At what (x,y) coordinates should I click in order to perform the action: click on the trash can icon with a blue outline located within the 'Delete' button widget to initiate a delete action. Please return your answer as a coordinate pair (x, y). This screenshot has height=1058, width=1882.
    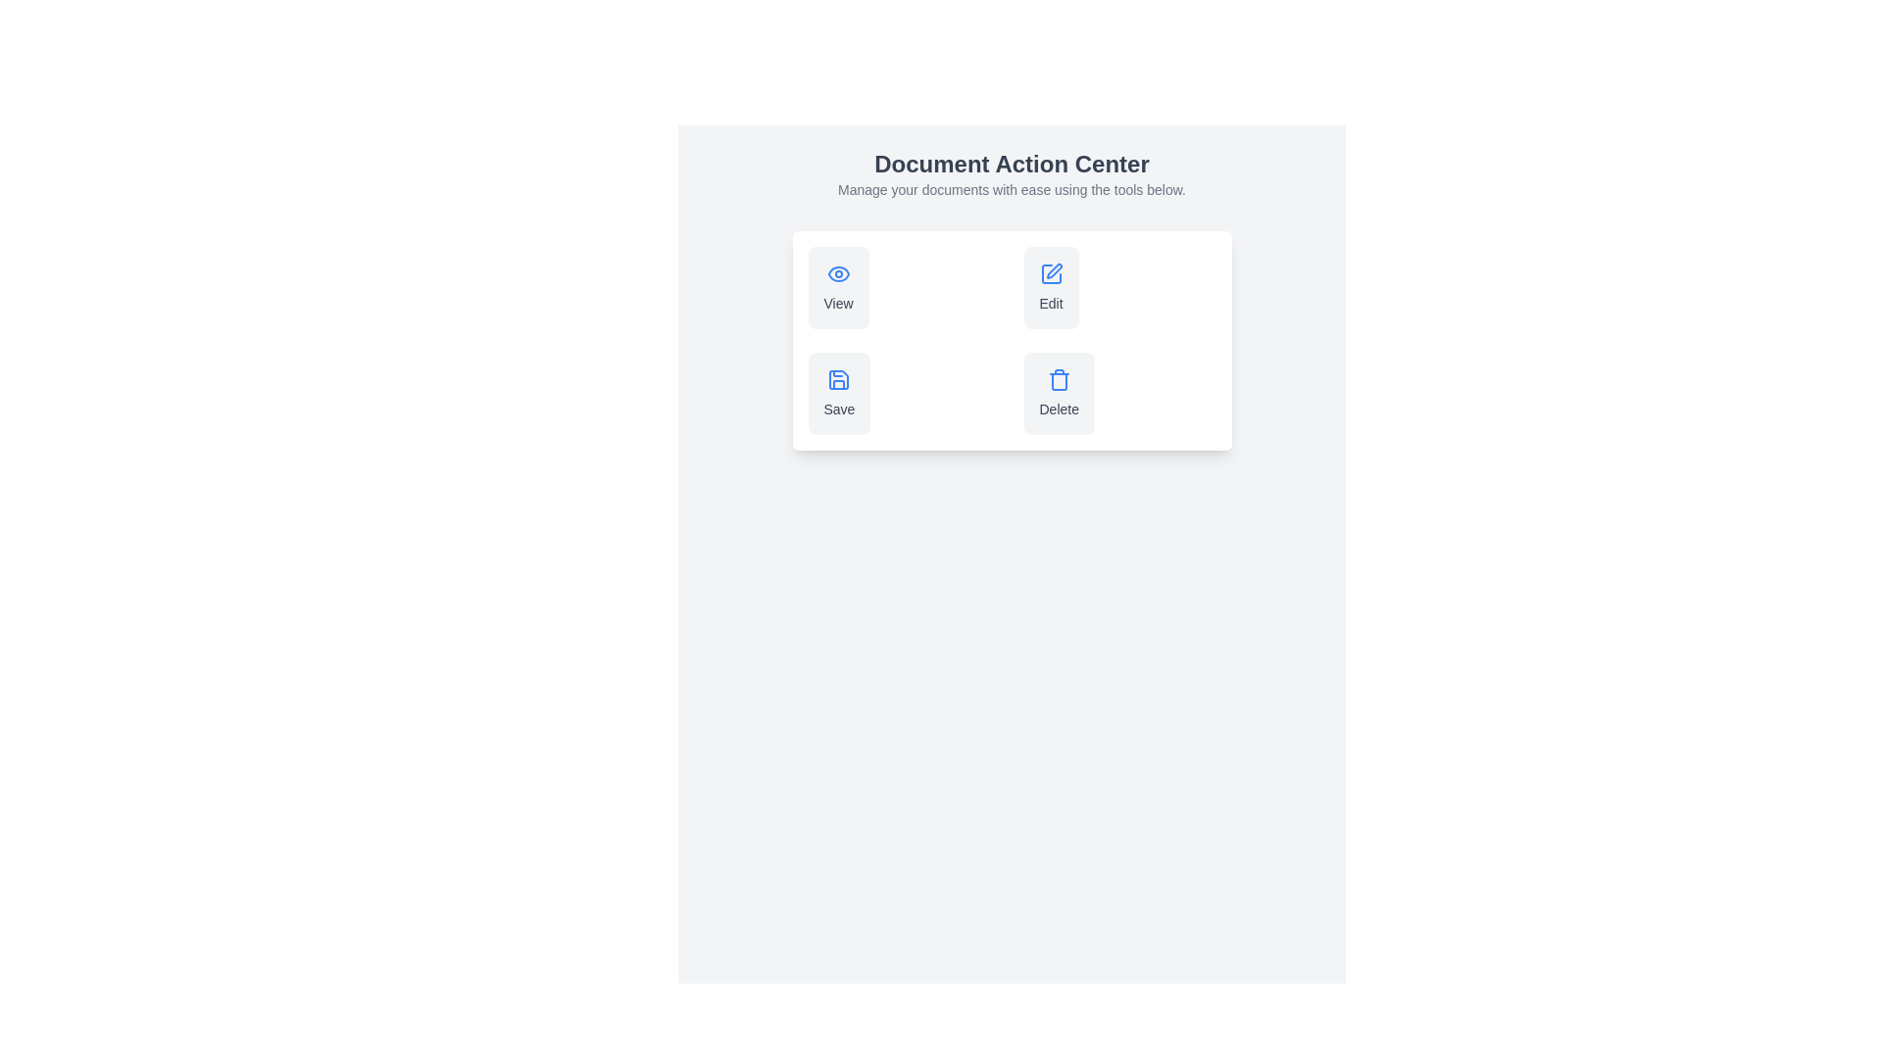
    Looking at the image, I should click on (1058, 380).